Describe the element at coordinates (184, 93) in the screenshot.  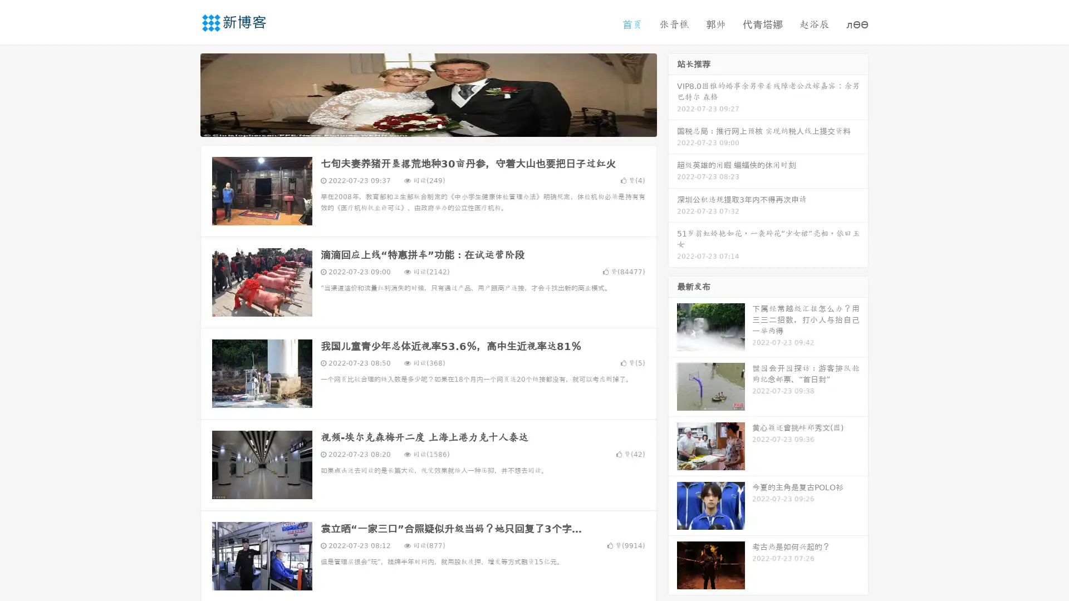
I see `Previous slide` at that location.